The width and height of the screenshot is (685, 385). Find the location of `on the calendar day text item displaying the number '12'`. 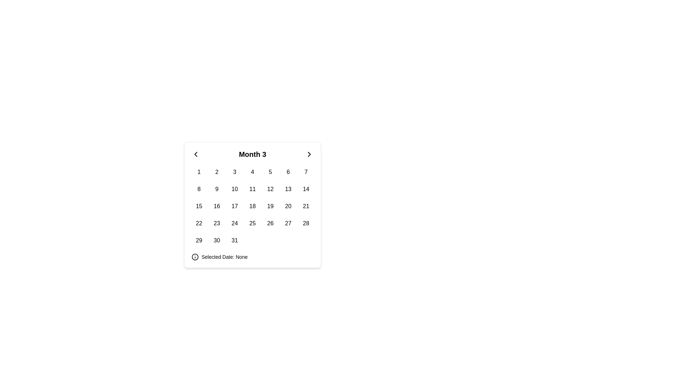

on the calendar day text item displaying the number '12' is located at coordinates (270, 189).